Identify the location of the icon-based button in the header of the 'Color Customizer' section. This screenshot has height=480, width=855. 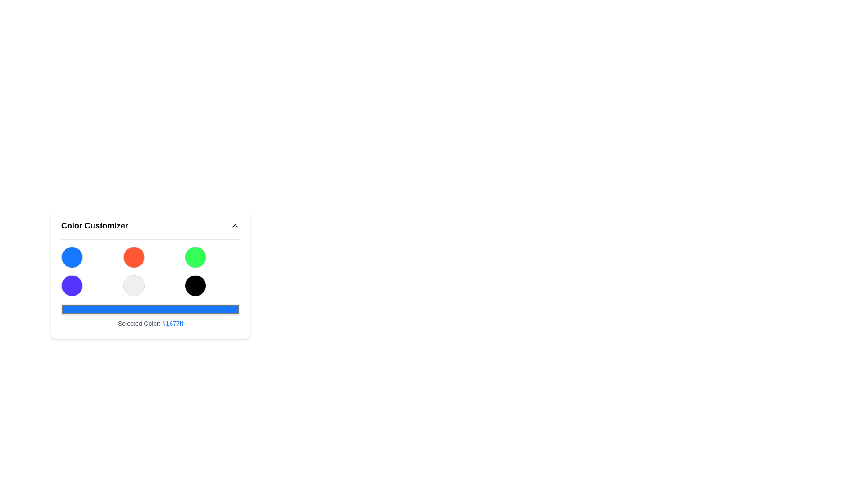
(235, 225).